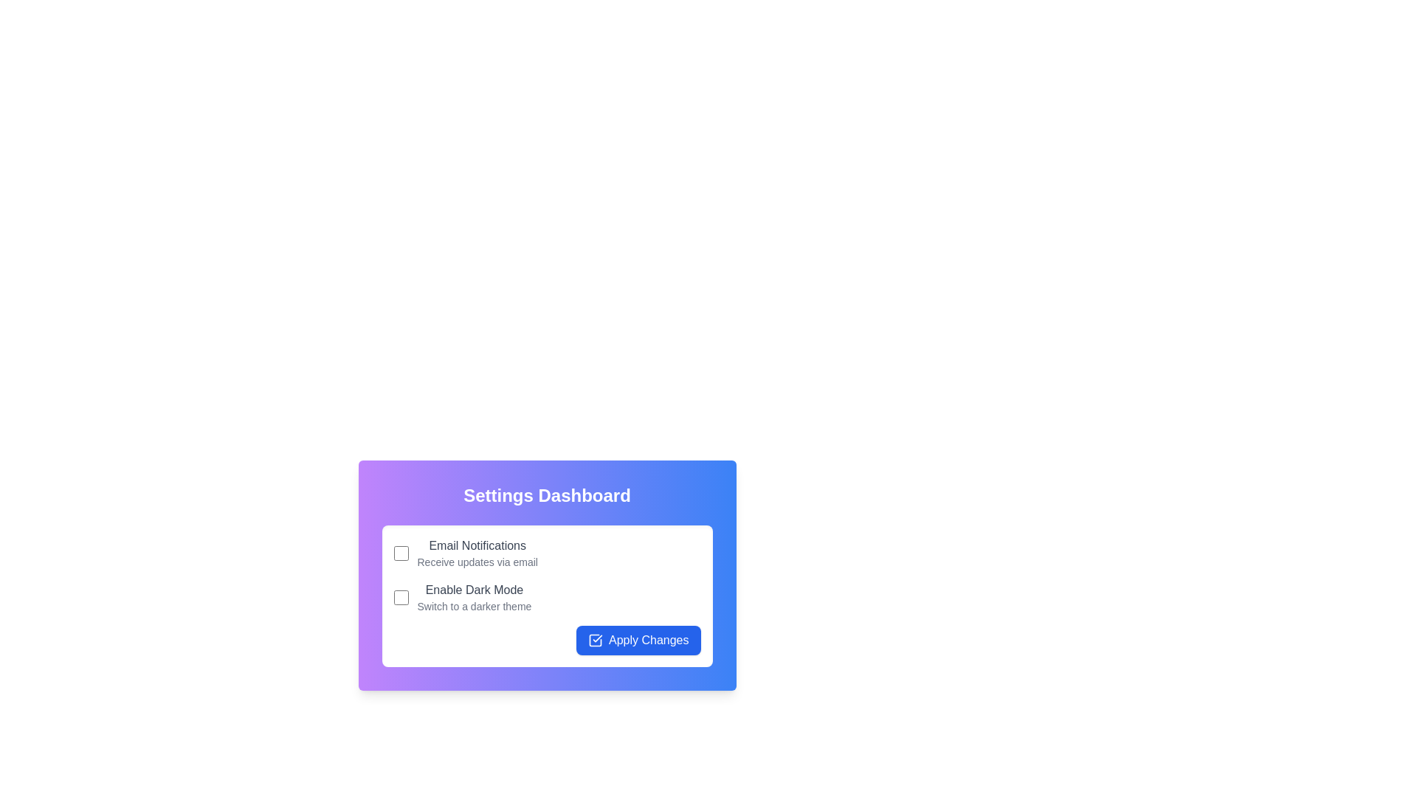  What do you see at coordinates (401, 598) in the screenshot?
I see `the small square checkbox with a blue outline and rounded corners that aligns with the label 'Enable Dark Mode'` at bounding box center [401, 598].